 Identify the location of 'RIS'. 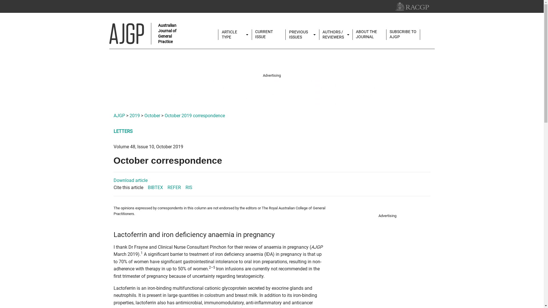
(189, 187).